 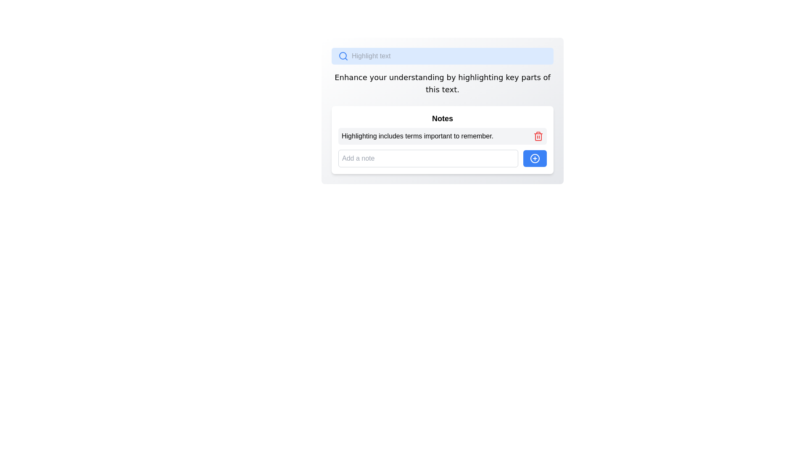 What do you see at coordinates (520, 77) in the screenshot?
I see `on the text cursor located within the text 'Enhance your understanding by highlighting key parts of this text.' near the word 'key parts.'` at bounding box center [520, 77].